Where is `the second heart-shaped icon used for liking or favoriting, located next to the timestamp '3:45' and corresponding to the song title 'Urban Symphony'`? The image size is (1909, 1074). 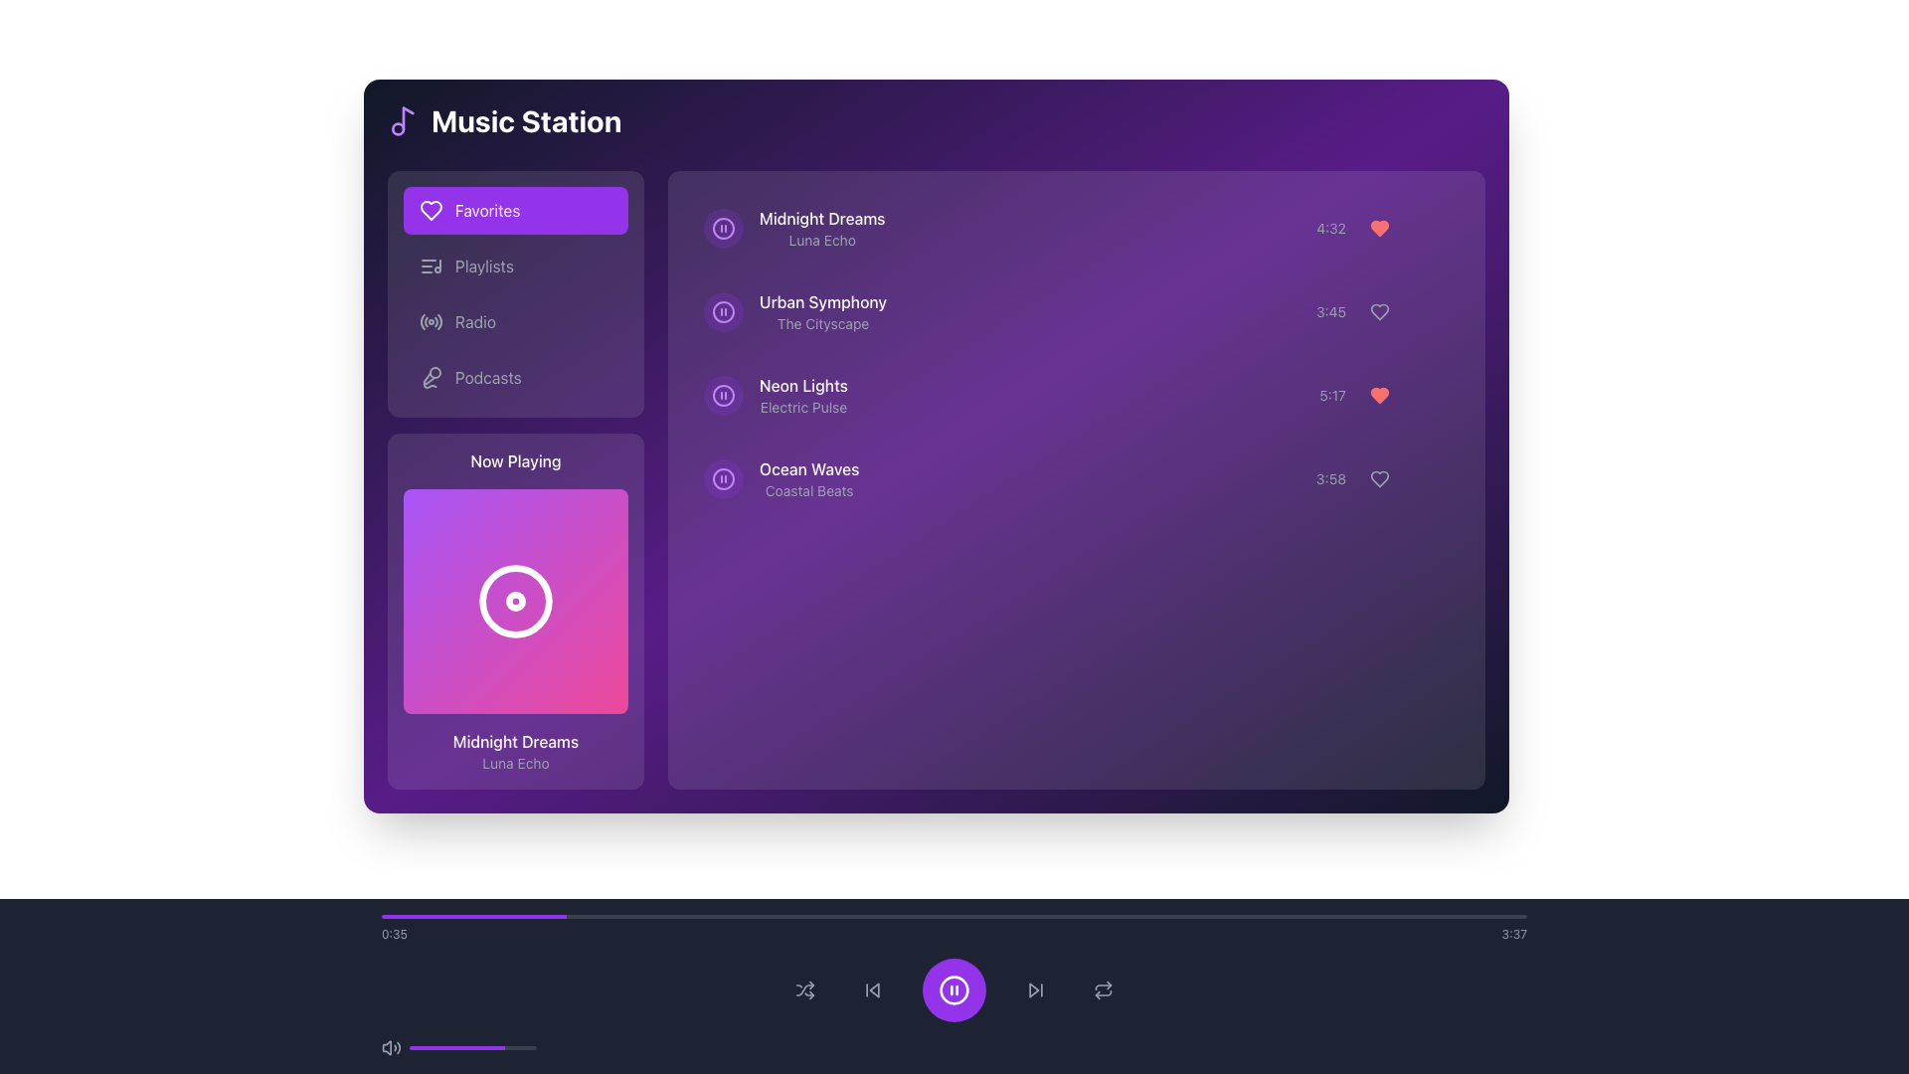
the second heart-shaped icon used for liking or favoriting, located next to the timestamp '3:45' and corresponding to the song title 'Urban Symphony' is located at coordinates (1378, 311).